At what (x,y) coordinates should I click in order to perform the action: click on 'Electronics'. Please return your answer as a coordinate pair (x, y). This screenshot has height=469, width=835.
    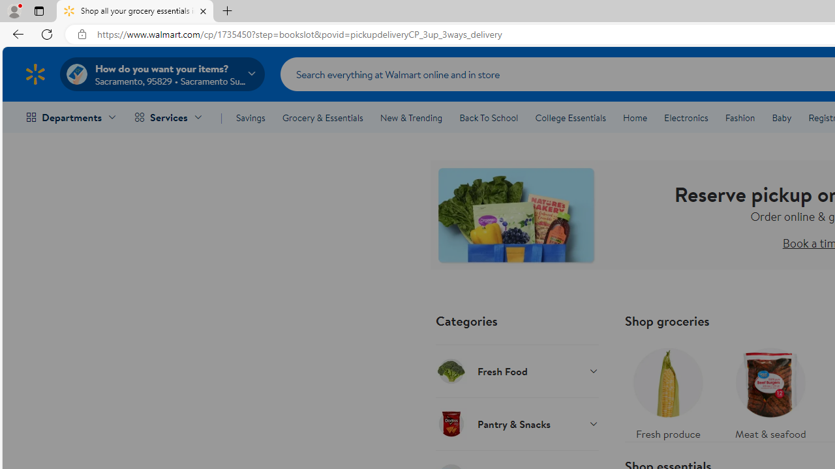
    Looking at the image, I should click on (685, 118).